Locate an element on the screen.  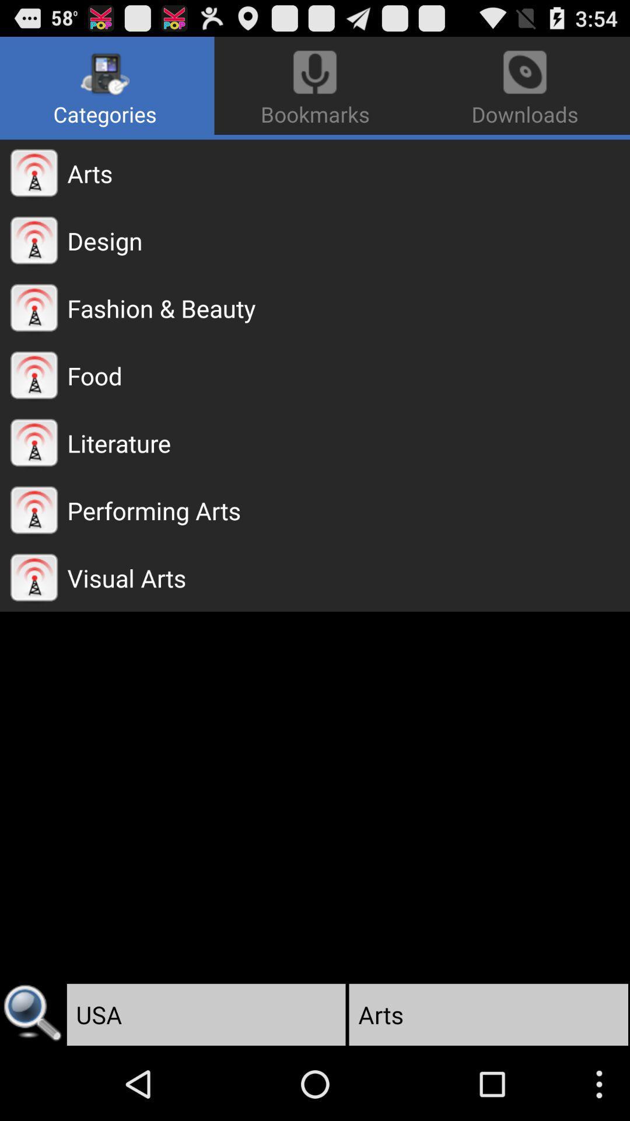
item at the bottom left corner is located at coordinates (32, 1014).